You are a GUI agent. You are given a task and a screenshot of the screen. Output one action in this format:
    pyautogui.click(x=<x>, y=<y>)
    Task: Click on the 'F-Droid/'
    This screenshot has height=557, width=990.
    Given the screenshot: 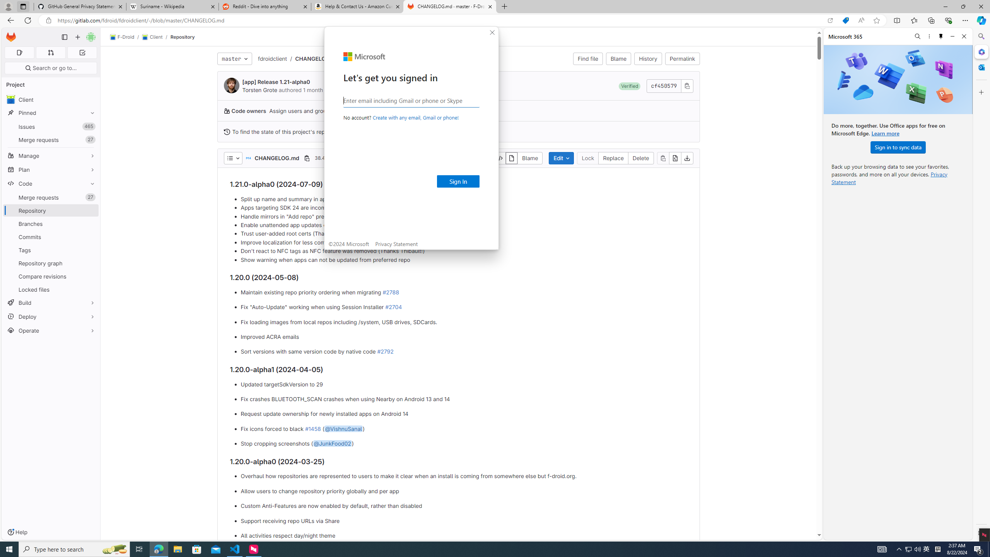 What is the action you would take?
    pyautogui.click(x=126, y=37)
    